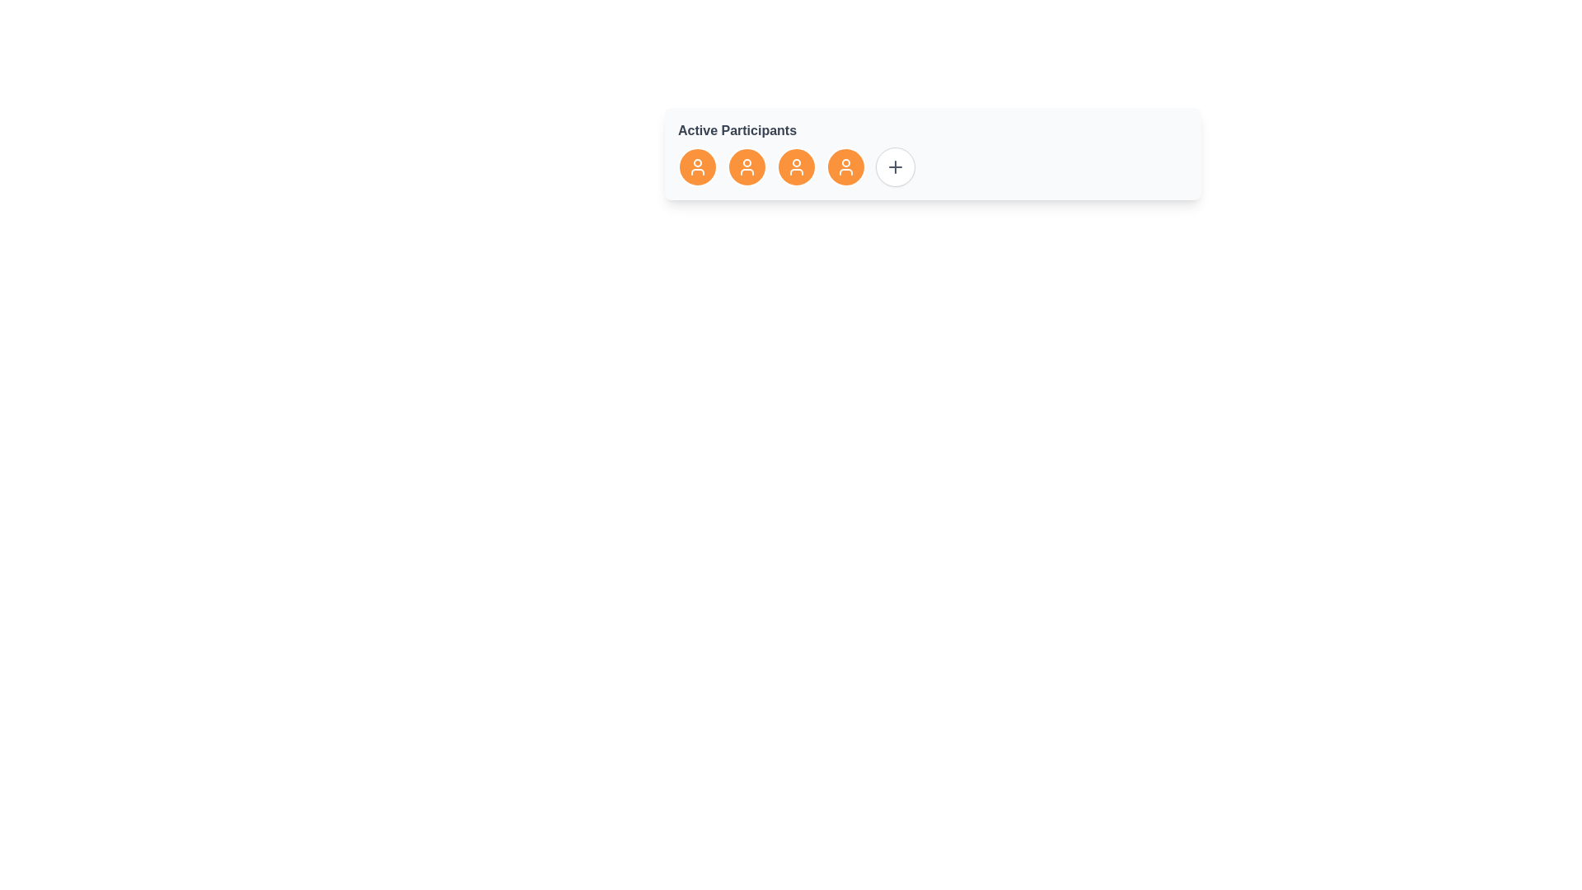 The width and height of the screenshot is (1582, 890). I want to click on the first circular orange user icon with a white silhouette and border in the 'Active Participants' section located at the top-center area, so click(697, 167).